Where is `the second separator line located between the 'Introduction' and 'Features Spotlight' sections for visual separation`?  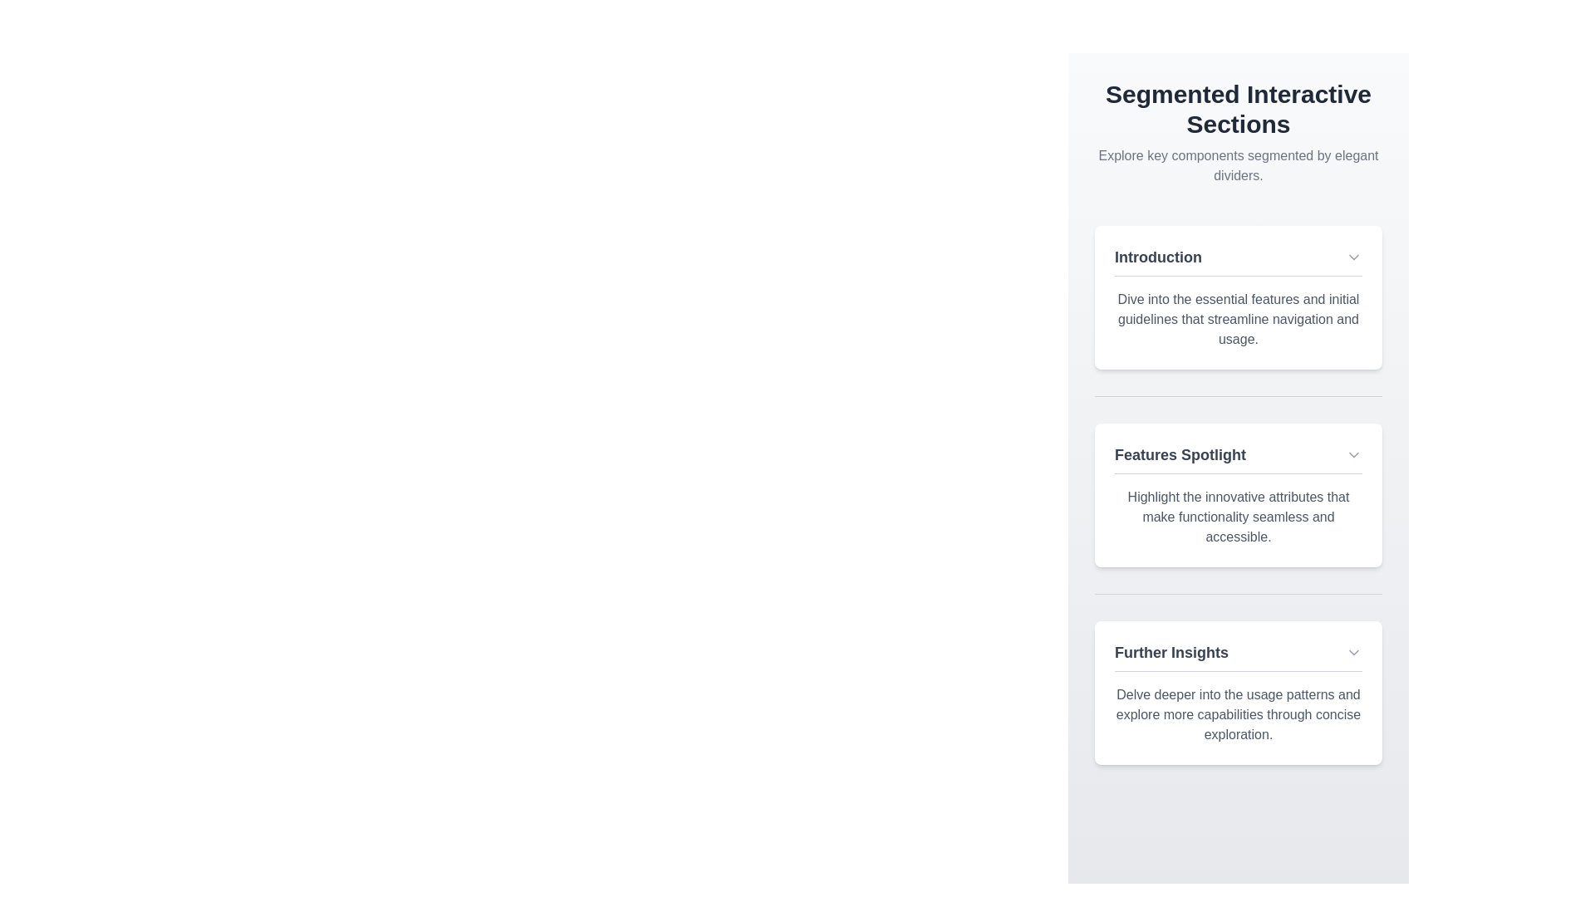 the second separator line located between the 'Introduction' and 'Features Spotlight' sections for visual separation is located at coordinates (1239, 396).